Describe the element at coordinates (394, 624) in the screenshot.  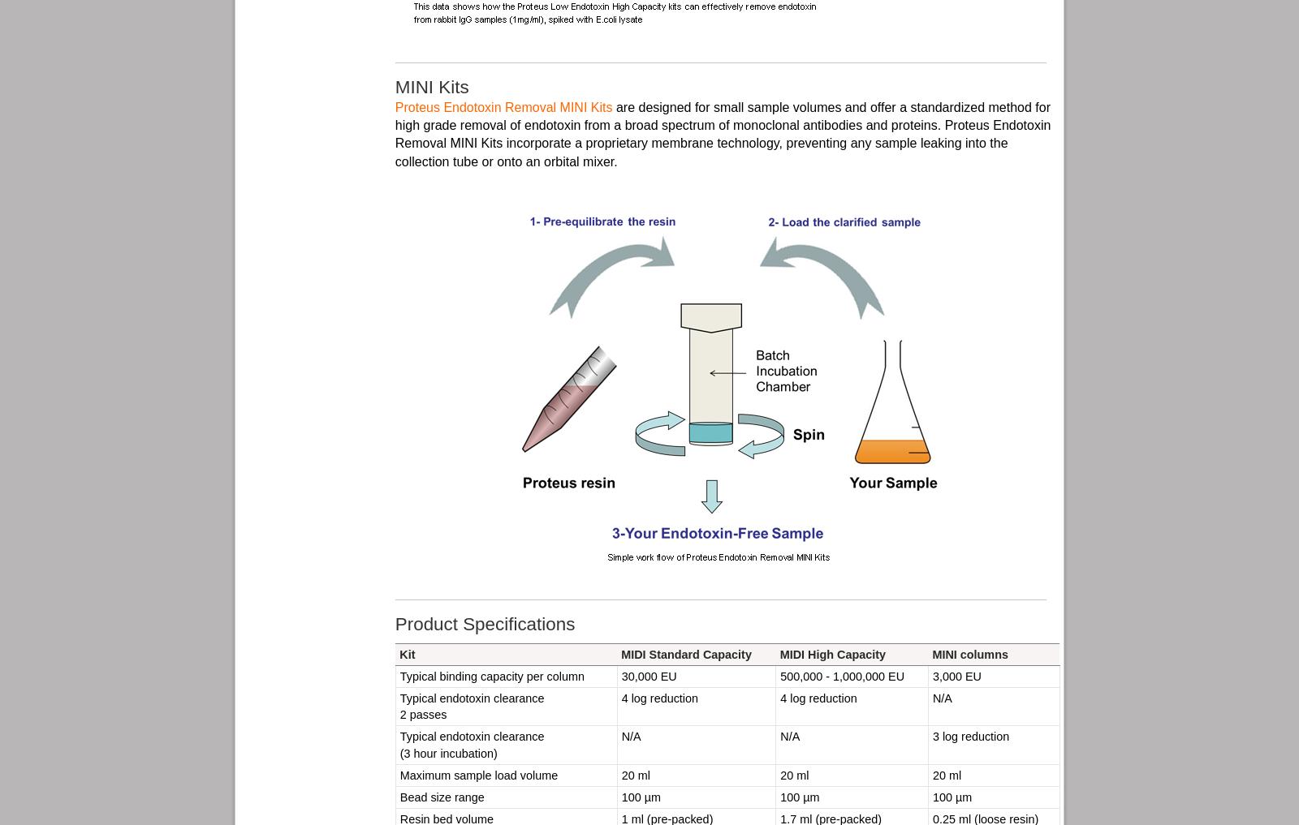
I see `'Product Specifications'` at that location.